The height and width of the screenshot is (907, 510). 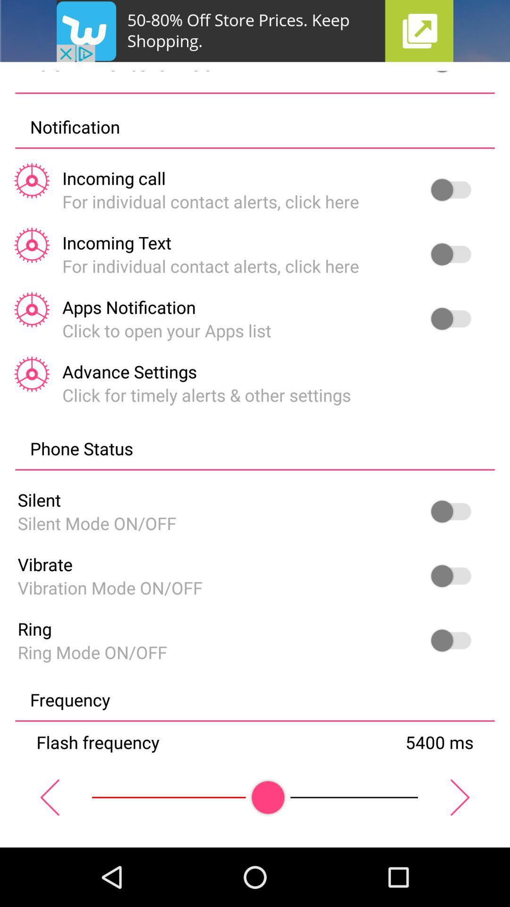 What do you see at coordinates (30, 308) in the screenshot?
I see `the settings icon` at bounding box center [30, 308].